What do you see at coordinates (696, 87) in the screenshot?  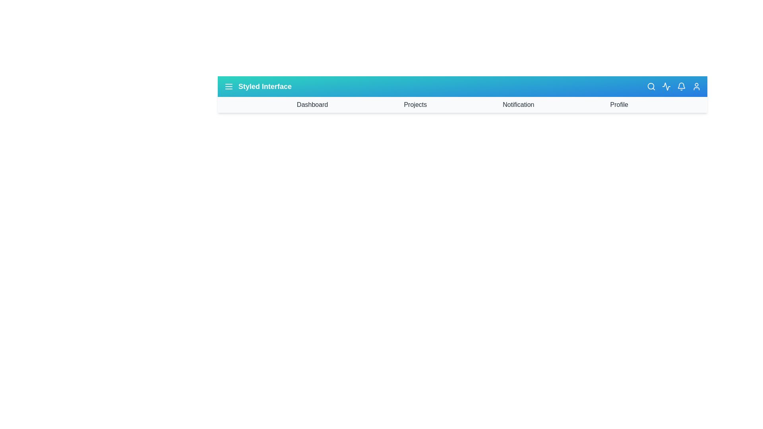 I see `the user icon in the header` at bounding box center [696, 87].